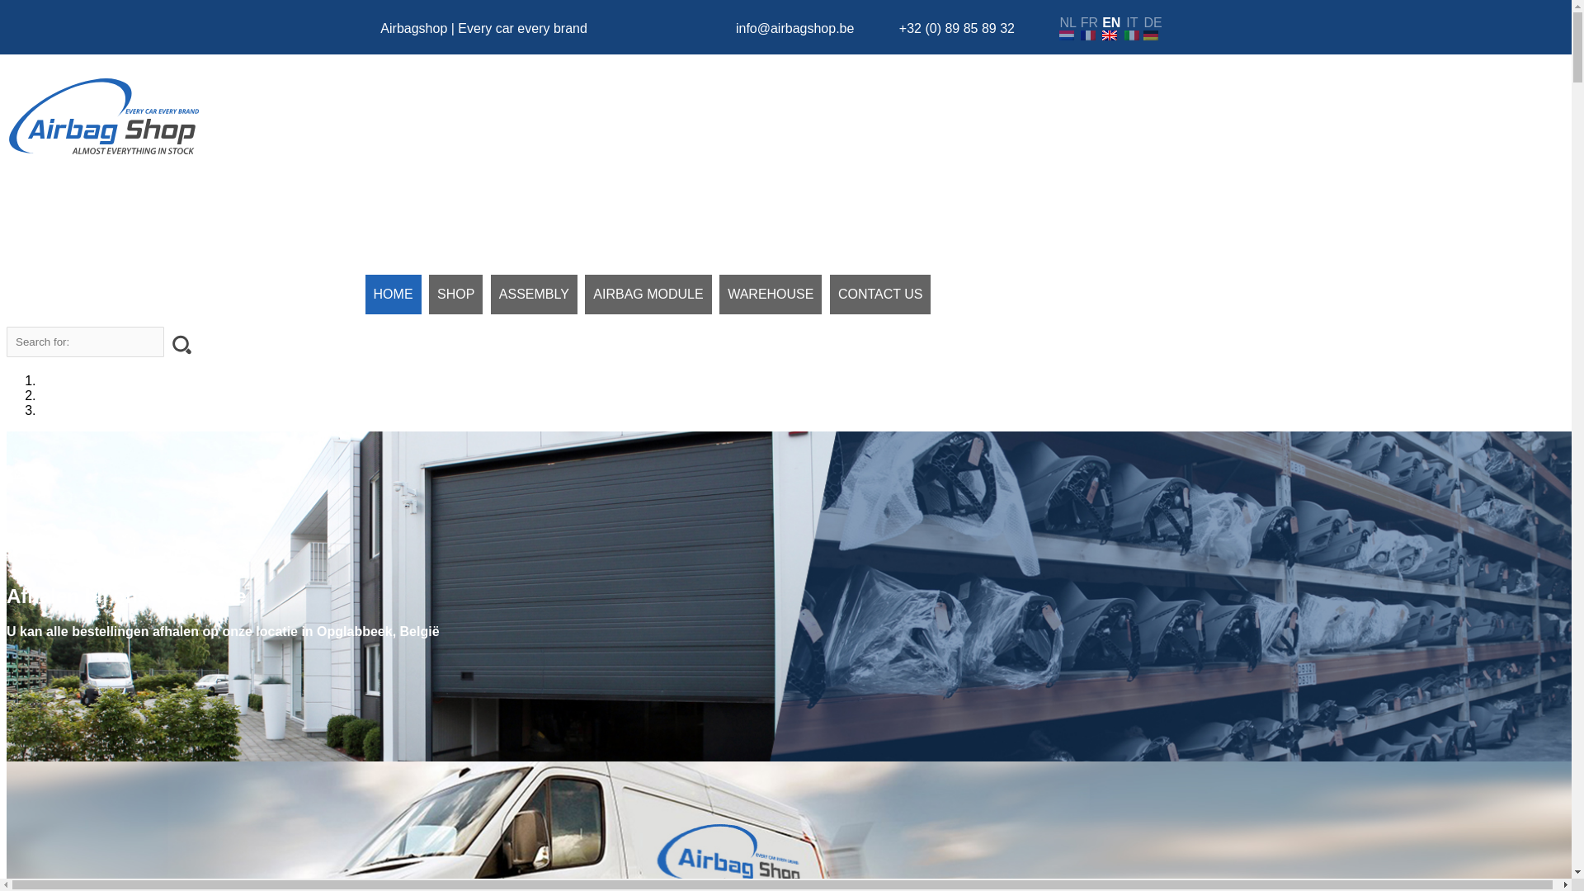 The width and height of the screenshot is (1584, 891). Describe the element at coordinates (685, 28) in the screenshot. I see `'Chat with us via WhatsApp'` at that location.